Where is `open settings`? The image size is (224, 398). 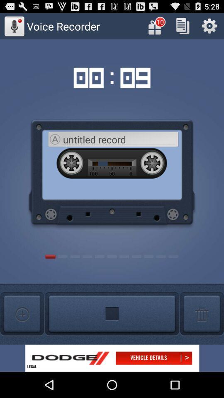
open settings is located at coordinates (209, 26).